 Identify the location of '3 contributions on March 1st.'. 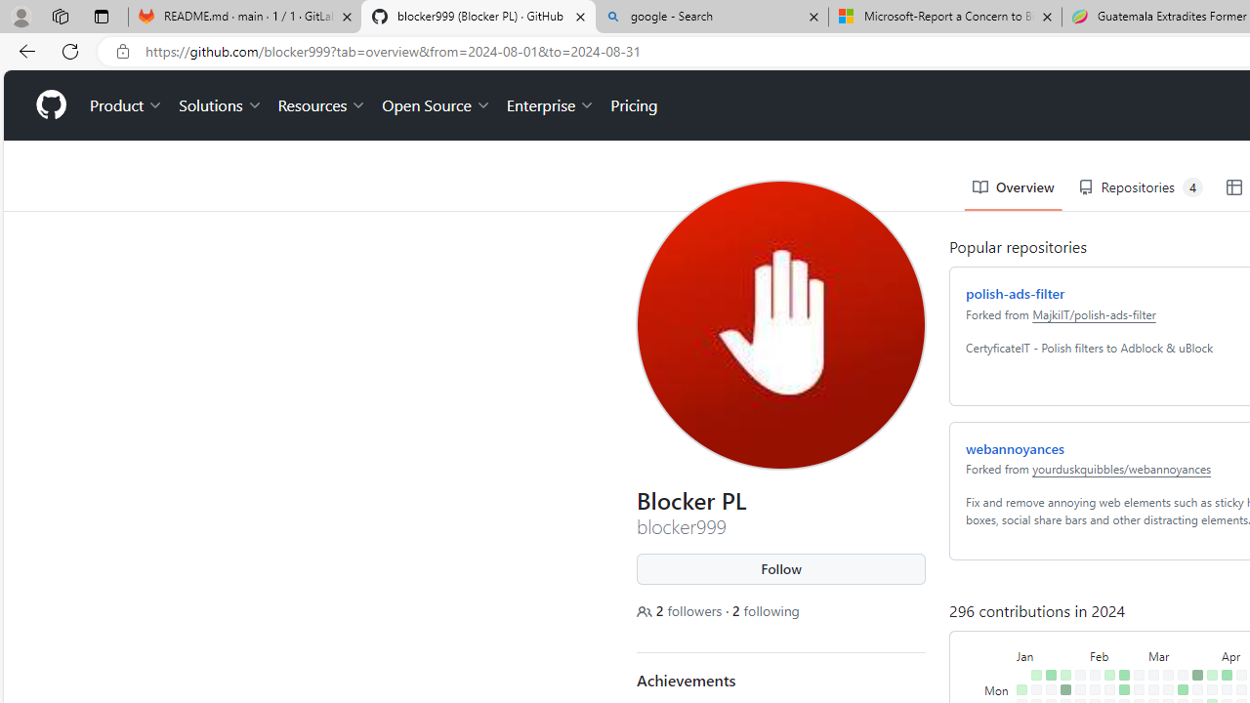
(1135, 677).